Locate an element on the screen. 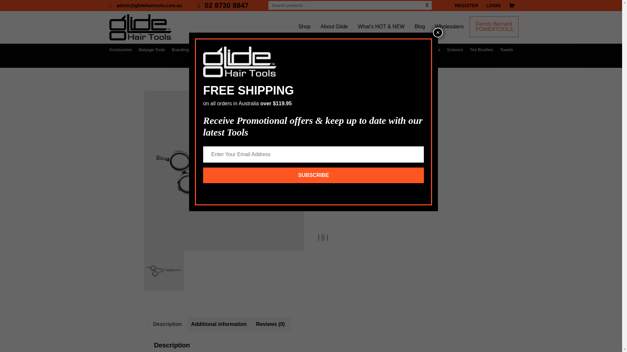 This screenshot has height=352, width=627. 'Essence of a Salon' is located at coordinates (352, 49).